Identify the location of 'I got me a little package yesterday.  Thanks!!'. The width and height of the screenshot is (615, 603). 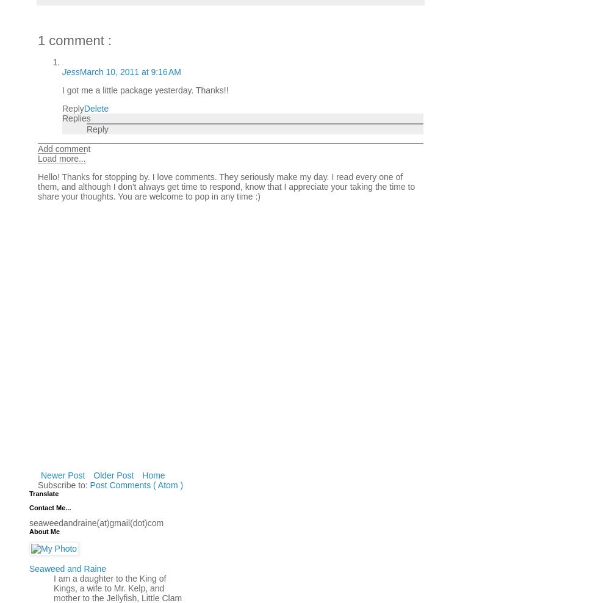
(145, 89).